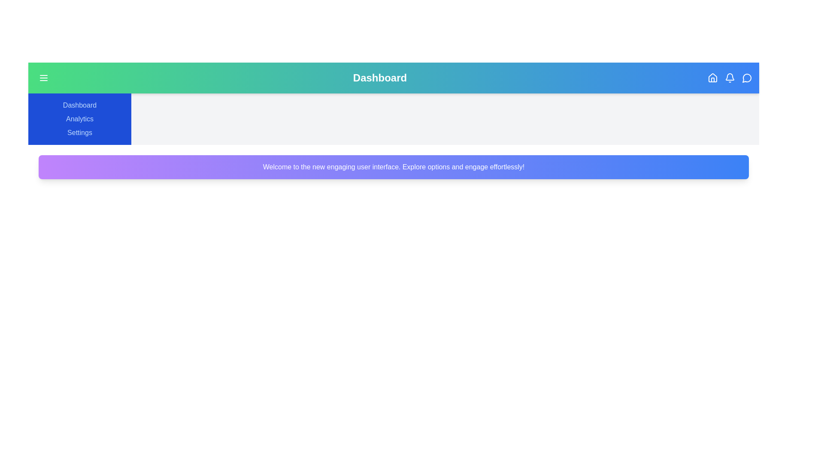  I want to click on the 'Bell' icon in the top bar, so click(729, 78).